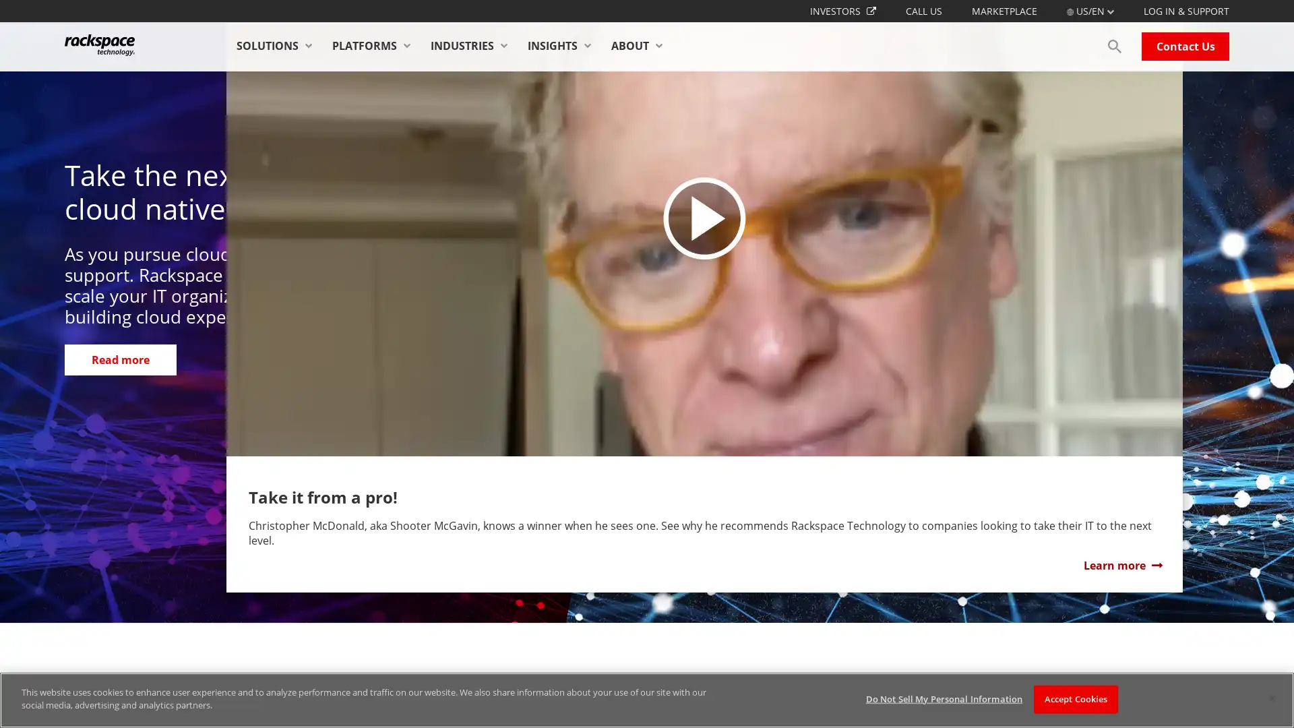  I want to click on Close, so click(1271, 698).